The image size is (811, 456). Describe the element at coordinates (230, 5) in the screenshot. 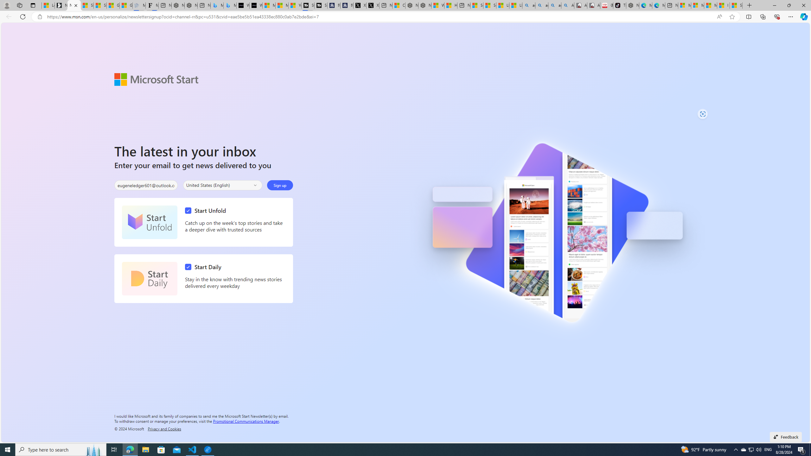

I see `'Microsoft Bing Travel - Shangri-La Hotel Bangkok'` at that location.